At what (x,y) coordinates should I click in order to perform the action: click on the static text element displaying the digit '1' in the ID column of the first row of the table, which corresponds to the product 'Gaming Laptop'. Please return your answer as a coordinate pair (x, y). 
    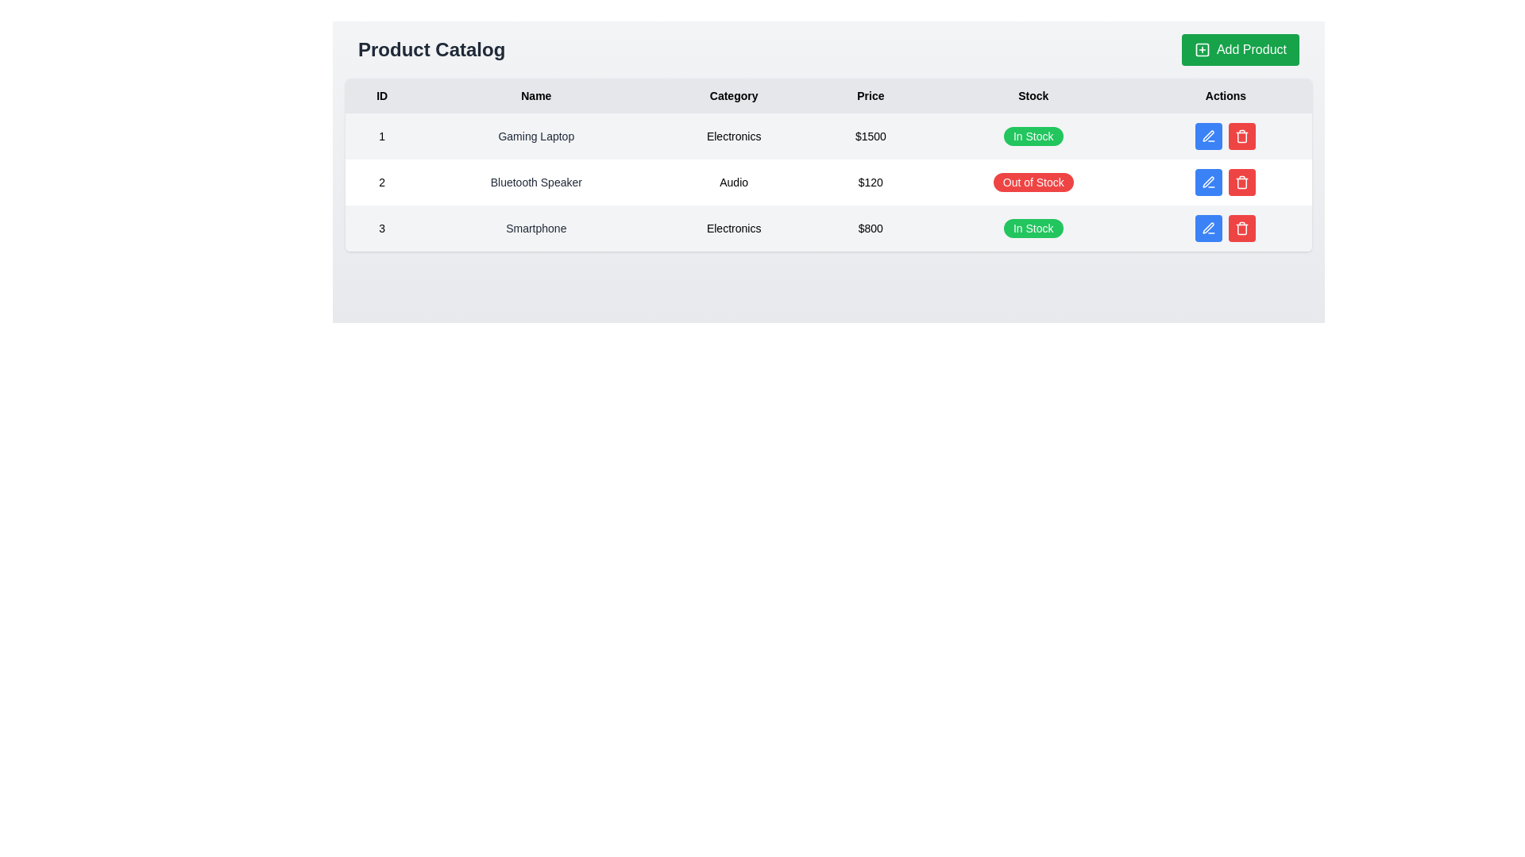
    Looking at the image, I should click on (382, 136).